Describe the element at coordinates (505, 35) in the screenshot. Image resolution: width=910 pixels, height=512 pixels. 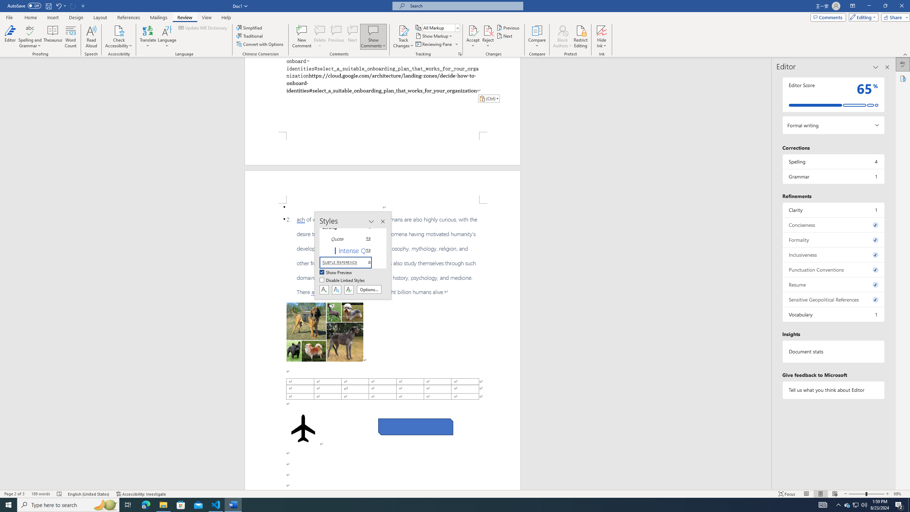
I see `'Next'` at that location.